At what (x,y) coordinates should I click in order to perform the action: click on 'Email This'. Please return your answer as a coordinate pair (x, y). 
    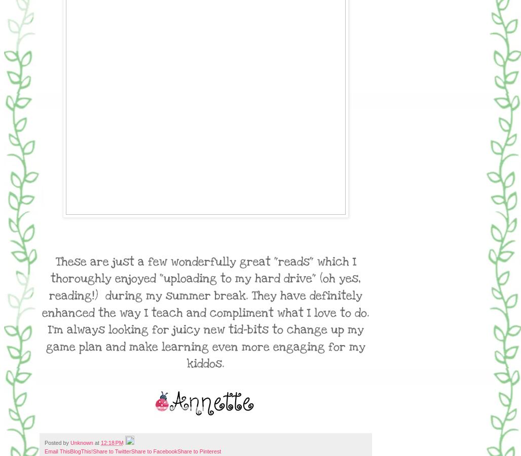
    Looking at the image, I should click on (56, 451).